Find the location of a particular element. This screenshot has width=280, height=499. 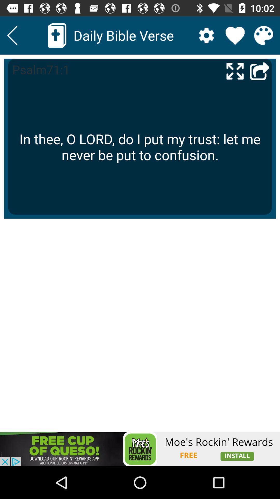

color palette is located at coordinates (264, 35).